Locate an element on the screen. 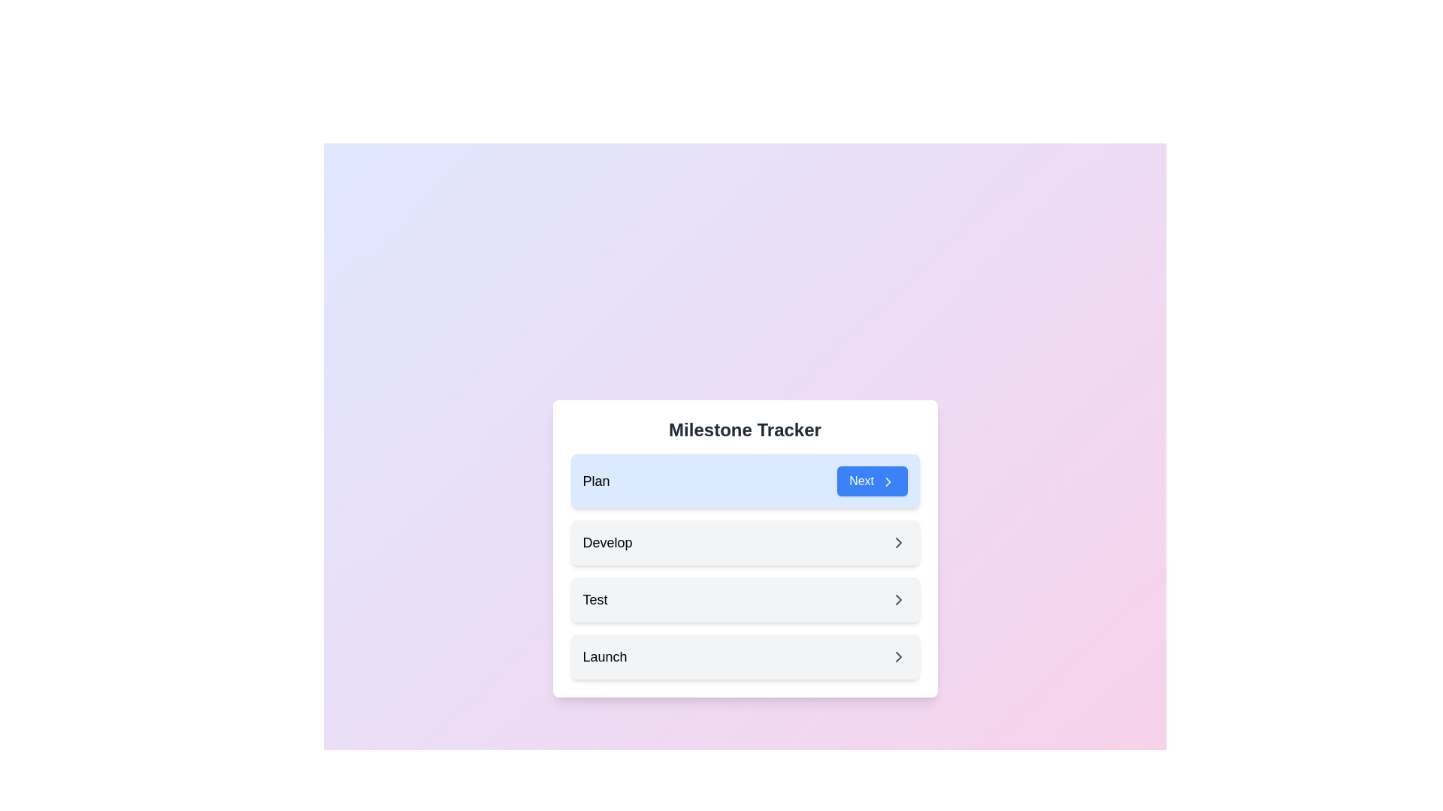  the icon within the last list item labeled 'Launch' in the 'Milestone Tracker' section is located at coordinates (898, 656).